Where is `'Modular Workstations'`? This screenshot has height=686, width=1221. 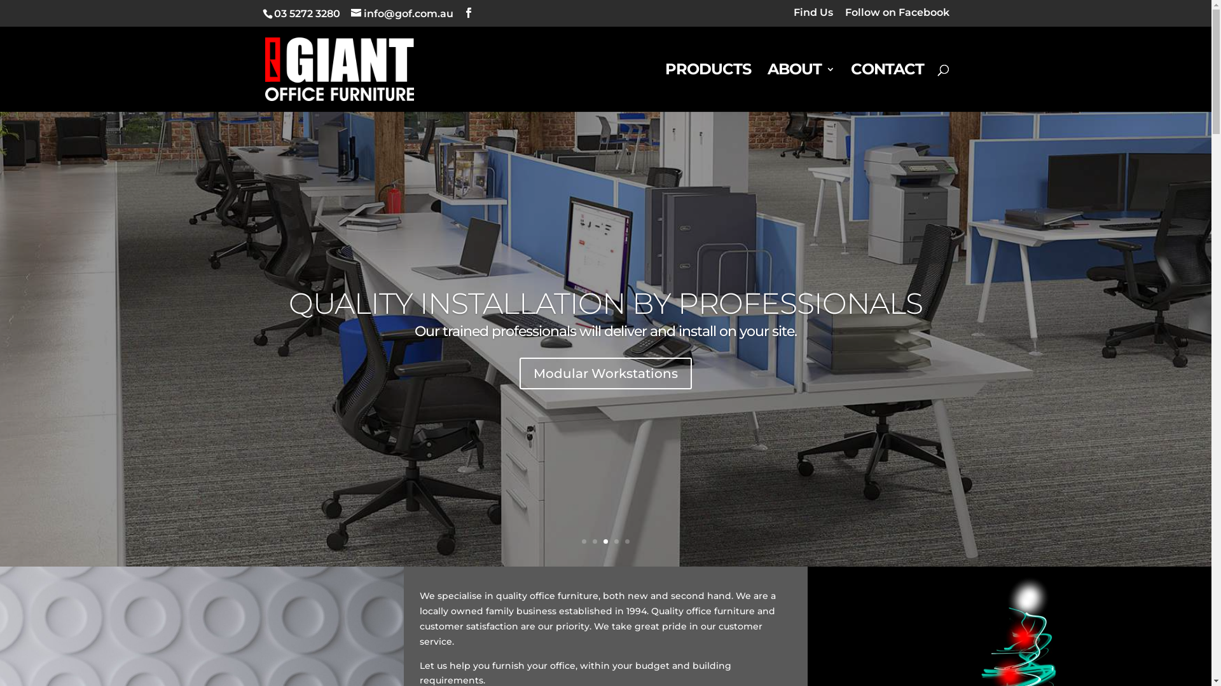 'Modular Workstations' is located at coordinates (605, 372).